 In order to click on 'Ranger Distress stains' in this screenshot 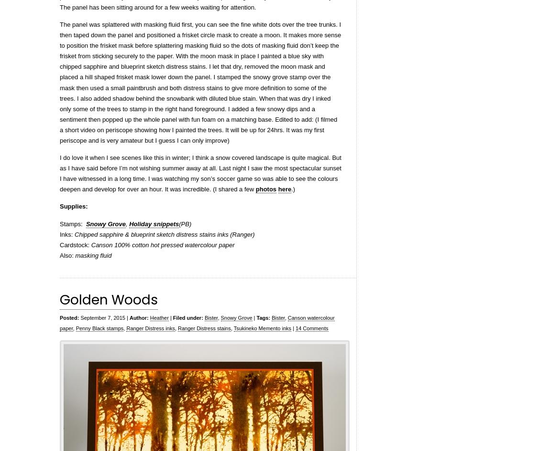, I will do `click(204, 328)`.